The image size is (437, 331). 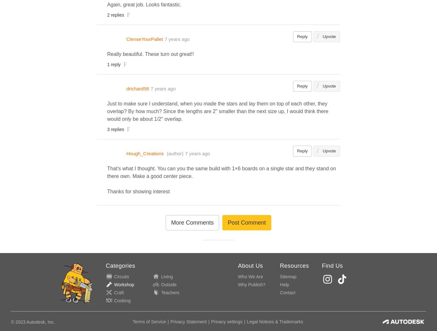 I want to click on '© 2023 Autodesk, Inc.', so click(x=33, y=321).